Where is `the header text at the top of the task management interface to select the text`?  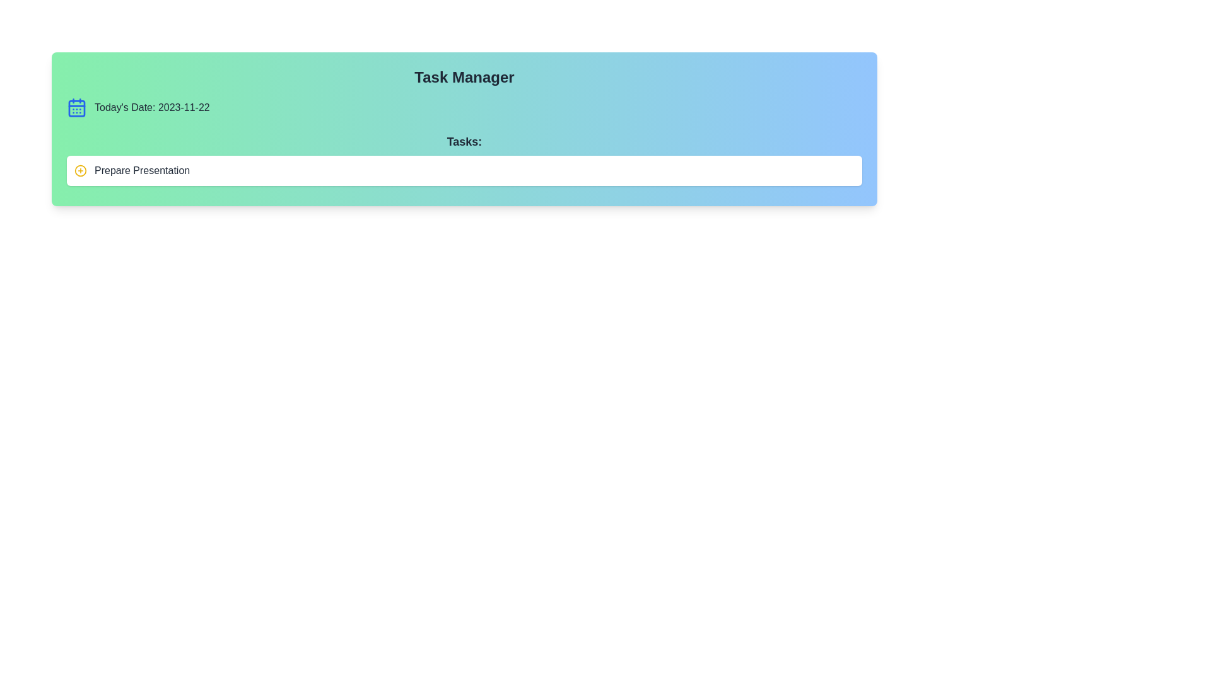 the header text at the top of the task management interface to select the text is located at coordinates (464, 78).